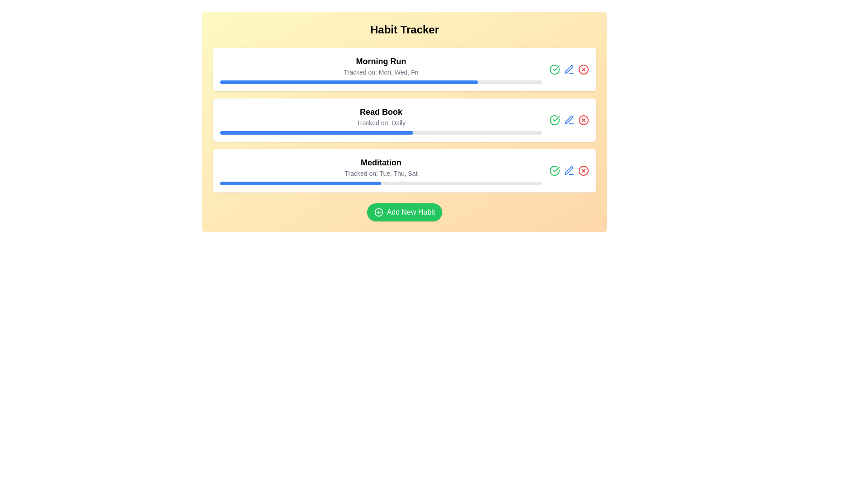 The image size is (868, 488). I want to click on progress value of the progress bar located under the 'Morning Run' header, which visually represents the completion status of the associated tasks, so click(348, 82).